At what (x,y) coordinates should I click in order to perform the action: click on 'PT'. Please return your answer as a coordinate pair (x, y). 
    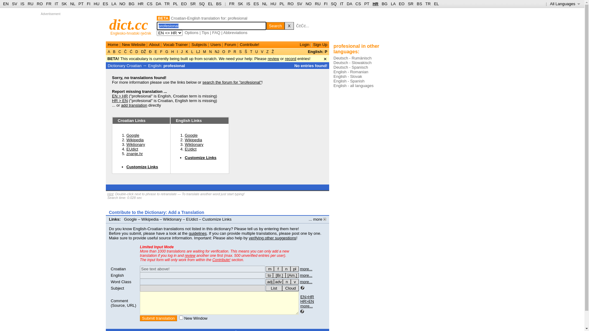
    Looking at the image, I should click on (367, 4).